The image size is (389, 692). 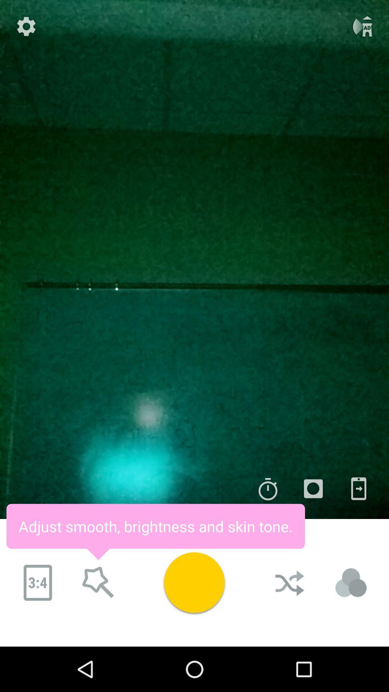 I want to click on the star icon, so click(x=98, y=583).